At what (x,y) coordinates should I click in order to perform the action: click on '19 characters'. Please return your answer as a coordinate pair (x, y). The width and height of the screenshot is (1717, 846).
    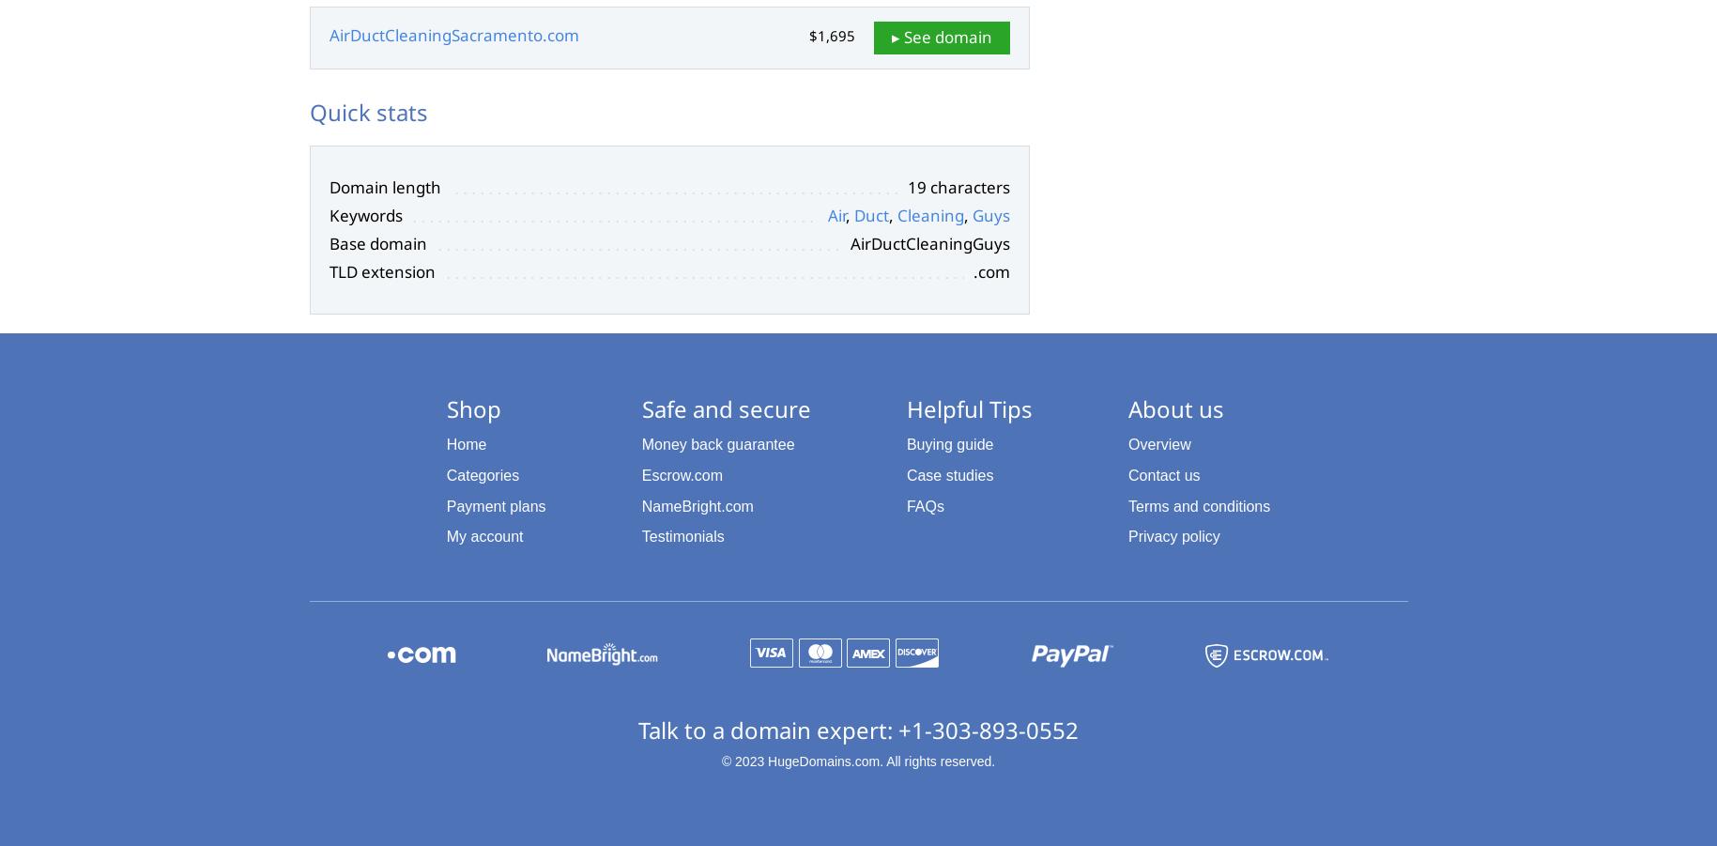
    Looking at the image, I should click on (957, 186).